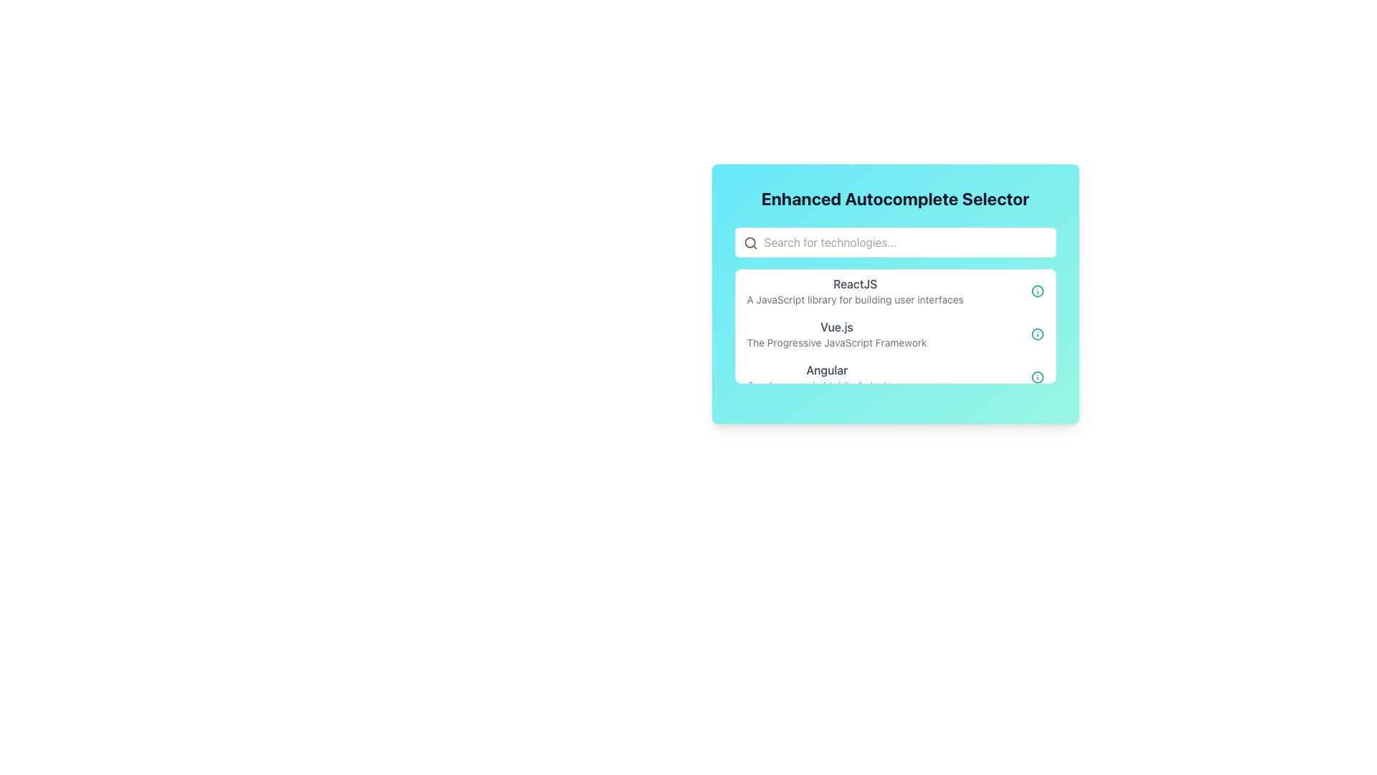 The image size is (1377, 775). Describe the element at coordinates (855, 284) in the screenshot. I see `the text label that serves as the title of an item in the dropdown list, positioned above the description 'A JavaScript library for building user interfaces.'` at that location.